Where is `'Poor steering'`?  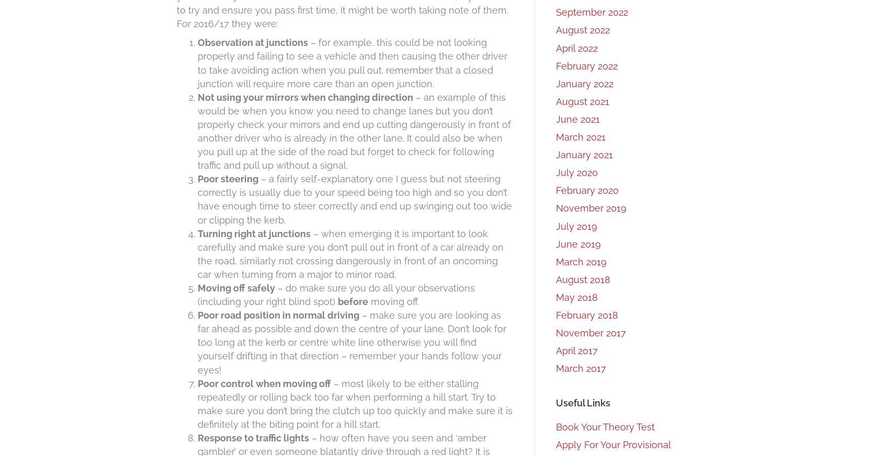
'Poor steering' is located at coordinates (228, 179).